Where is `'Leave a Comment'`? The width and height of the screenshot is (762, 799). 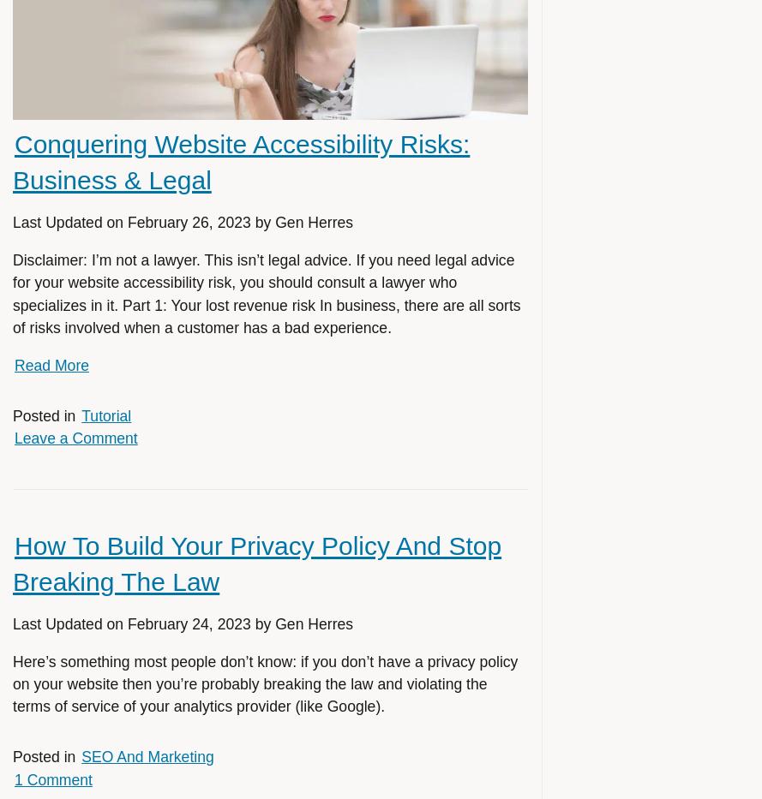
'Leave a Comment' is located at coordinates (75, 438).